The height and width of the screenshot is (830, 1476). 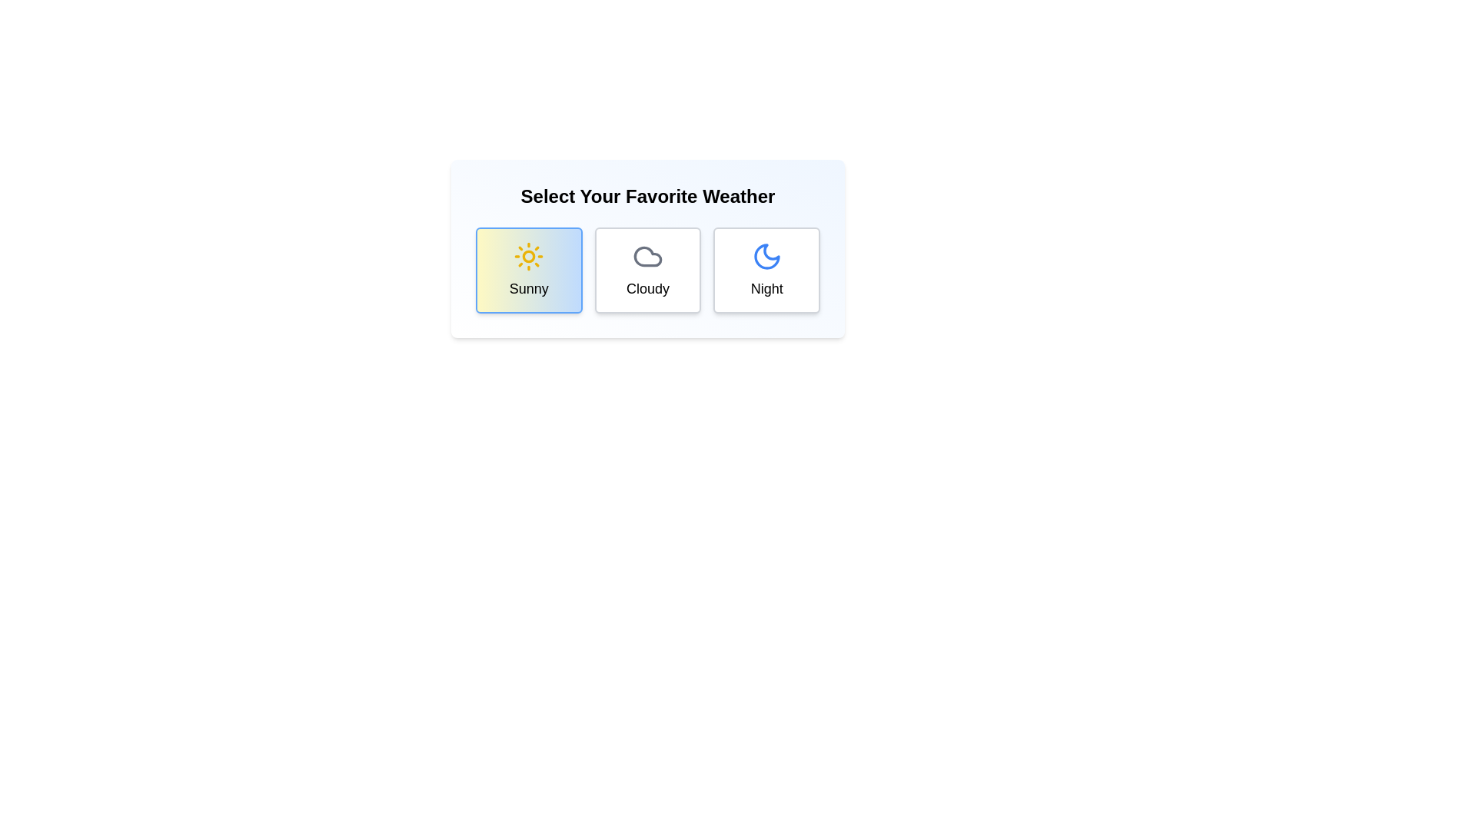 What do you see at coordinates (648, 269) in the screenshot?
I see `the 'Cloudy' weather option button, which is the second card in a three-column grid layout` at bounding box center [648, 269].